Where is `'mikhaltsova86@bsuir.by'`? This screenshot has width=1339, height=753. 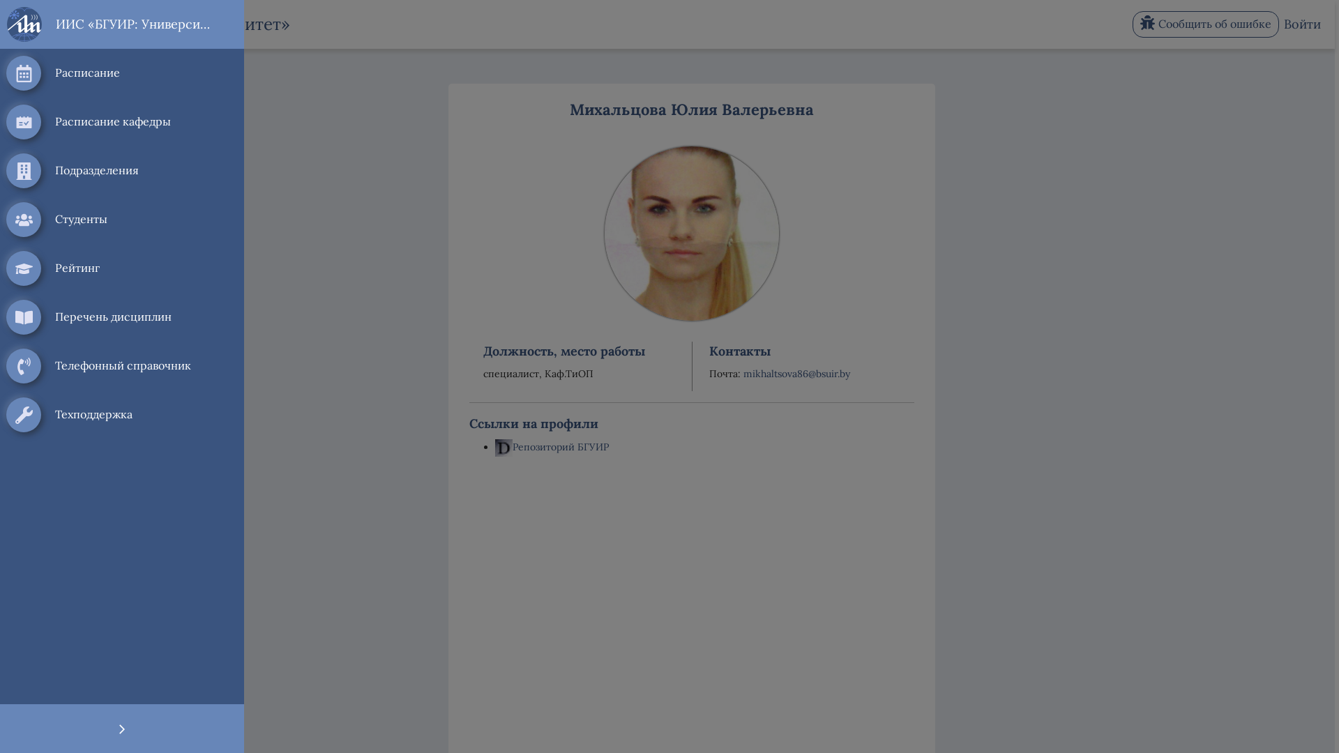 'mikhaltsova86@bsuir.by' is located at coordinates (796, 373).